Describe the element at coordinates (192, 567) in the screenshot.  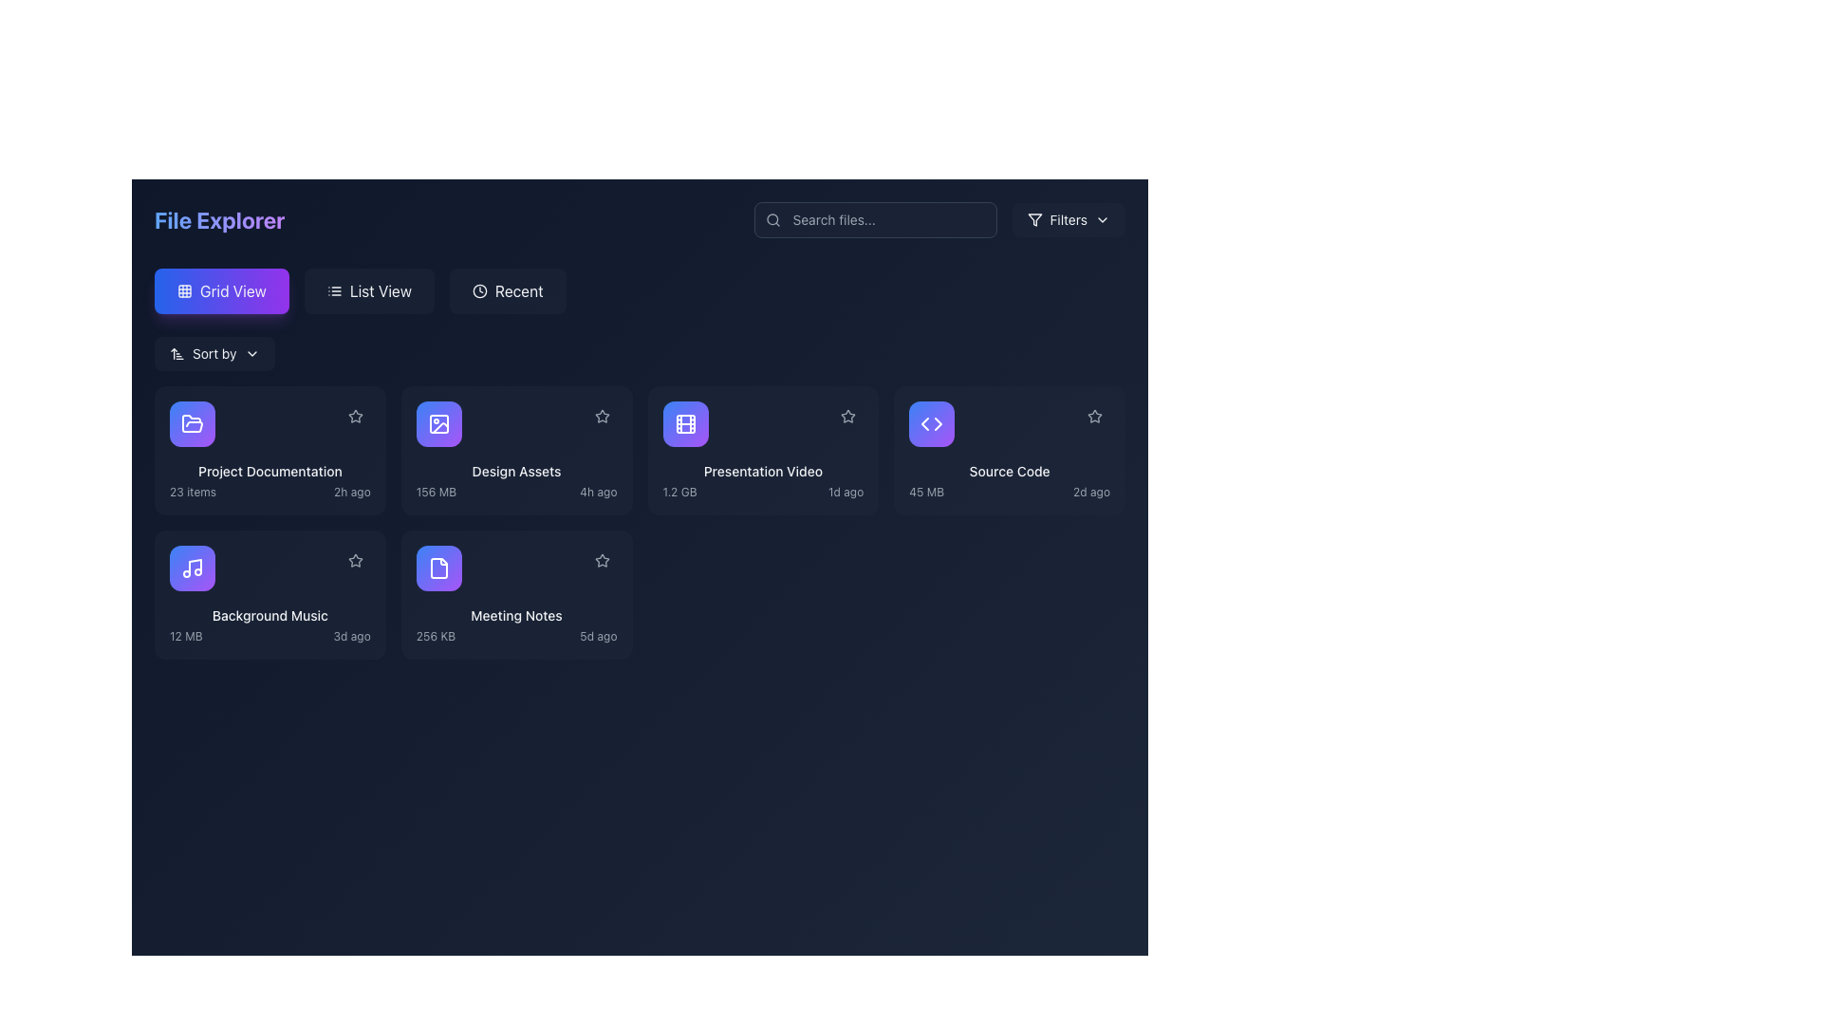
I see `the music file icon button located in the first column of the fourth row in the file explorer's grid layout` at that location.